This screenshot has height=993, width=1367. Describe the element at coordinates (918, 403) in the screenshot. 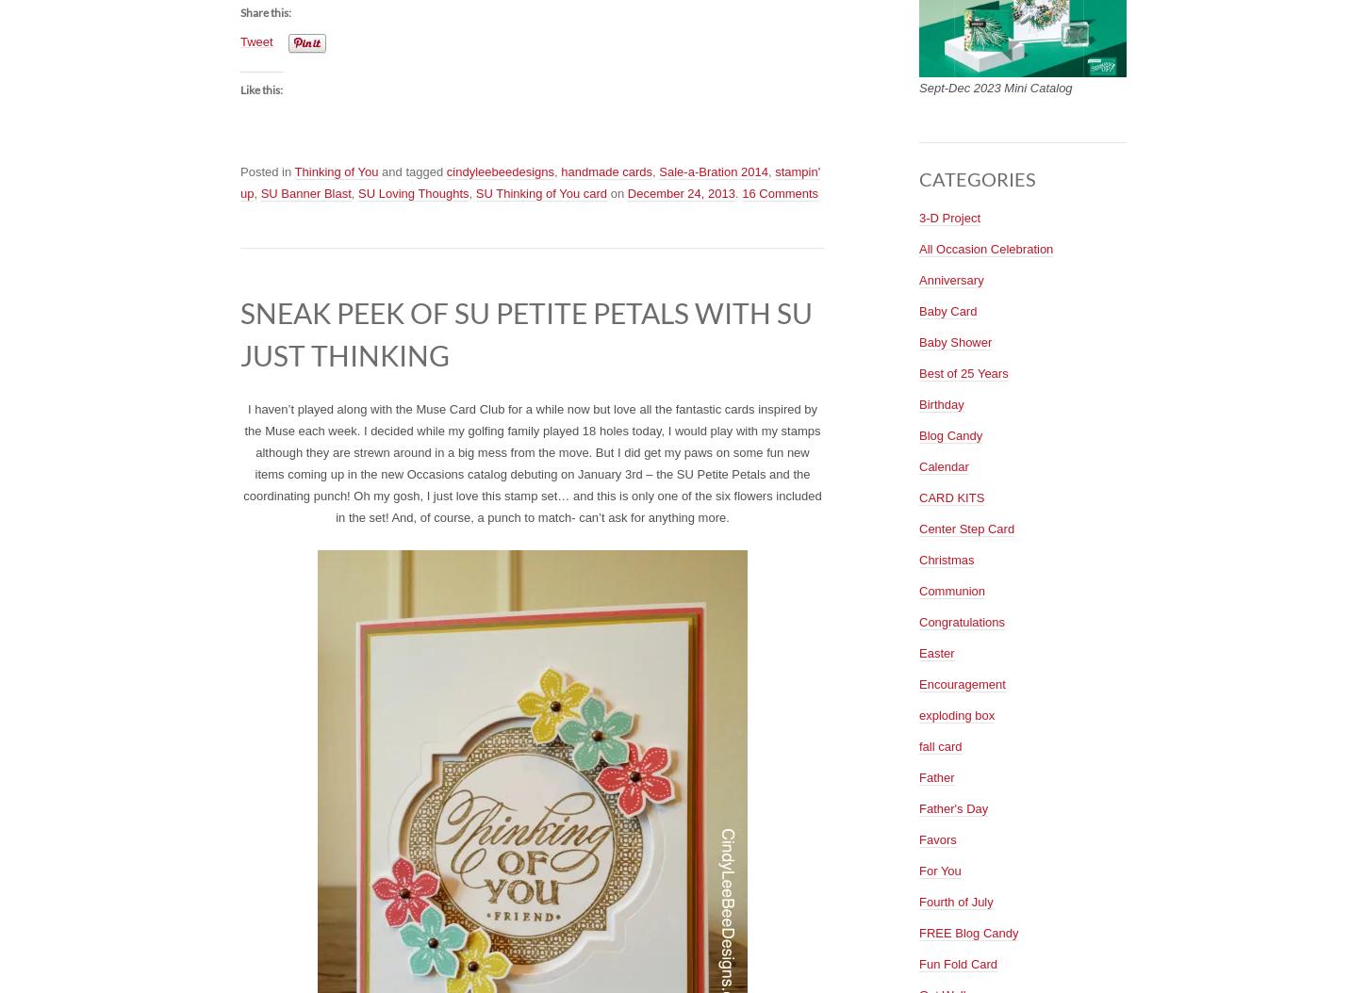

I see `'Birthday'` at that location.